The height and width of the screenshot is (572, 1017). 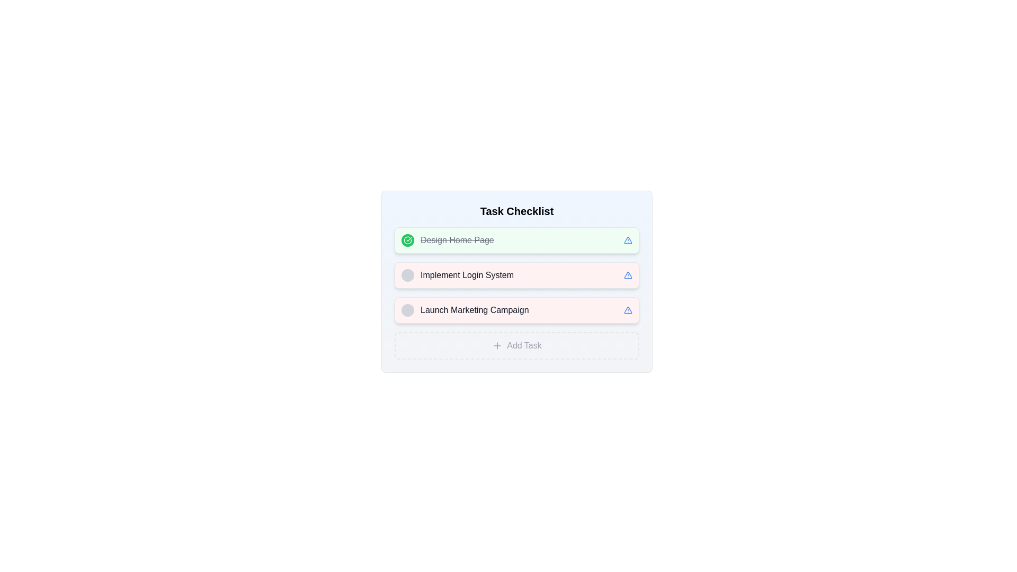 What do you see at coordinates (524, 345) in the screenshot?
I see `the 'Add Task' text label, which is styled in light gray font and located to the right of a plus icon within a dashed border rectangle at the bottom of the task list` at bounding box center [524, 345].